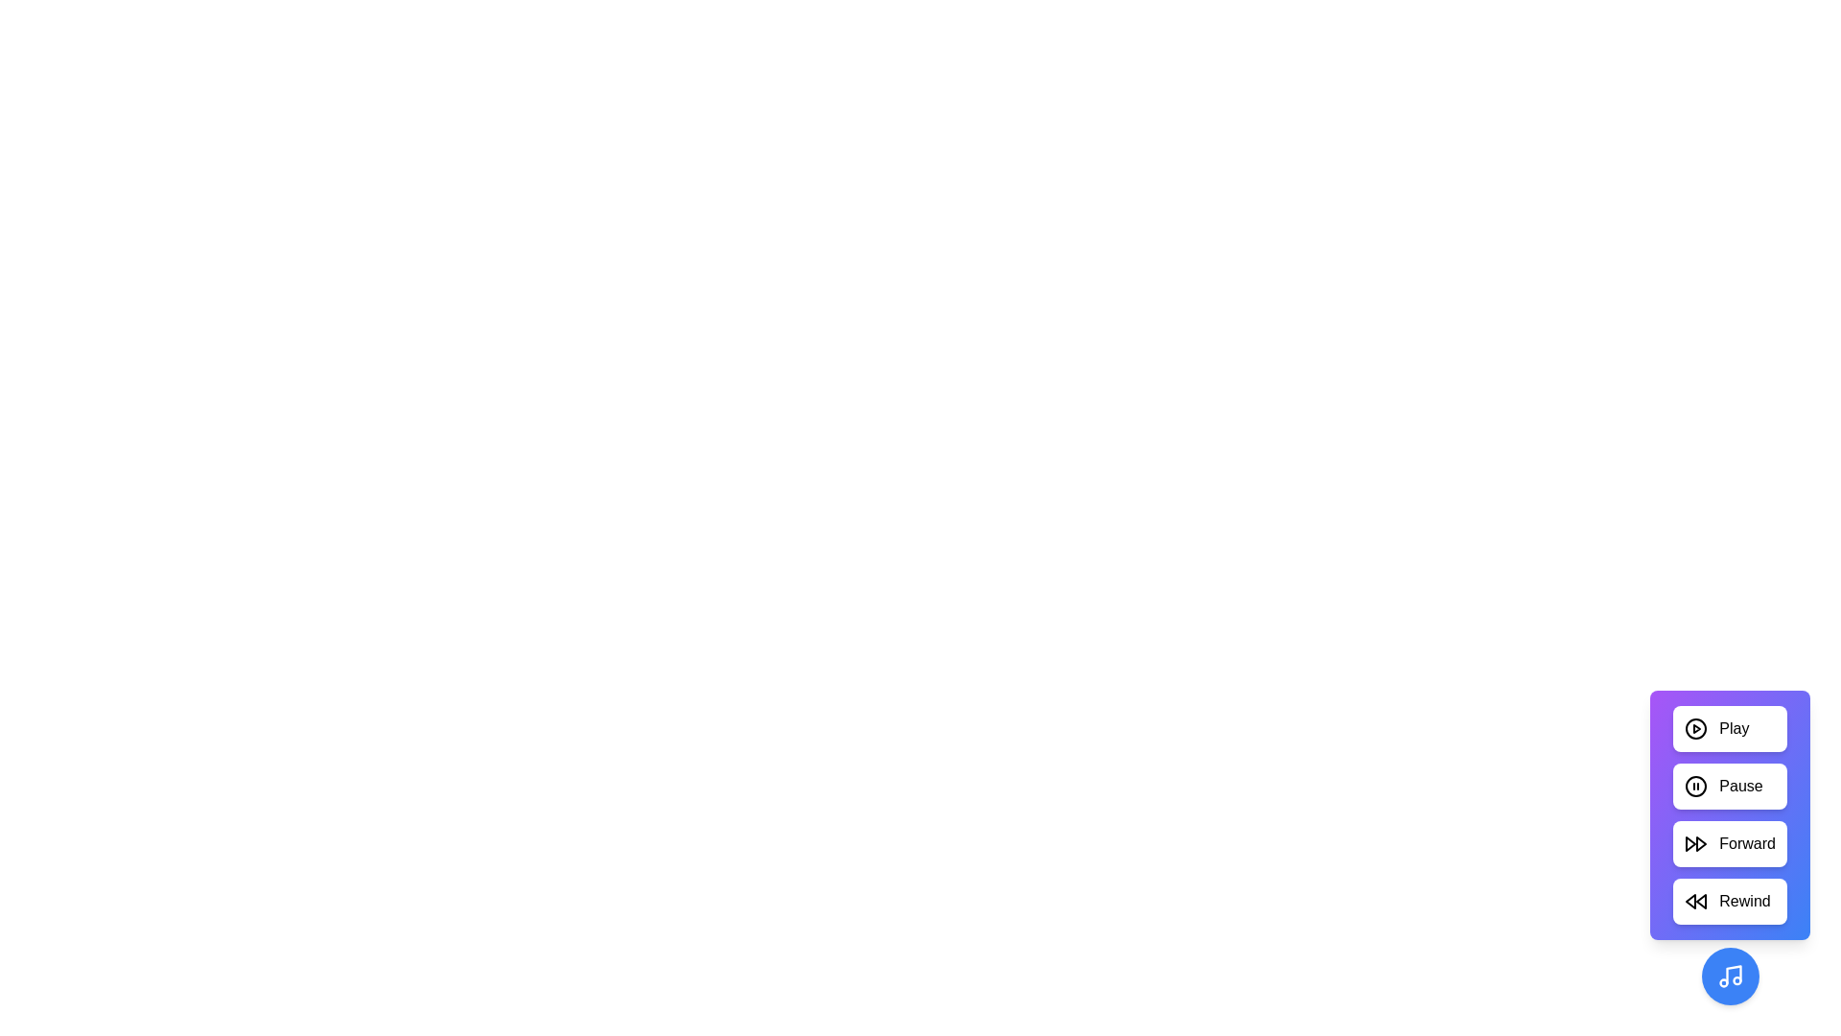  What do you see at coordinates (1730, 842) in the screenshot?
I see `the 'Forward' button to activate the forward action` at bounding box center [1730, 842].